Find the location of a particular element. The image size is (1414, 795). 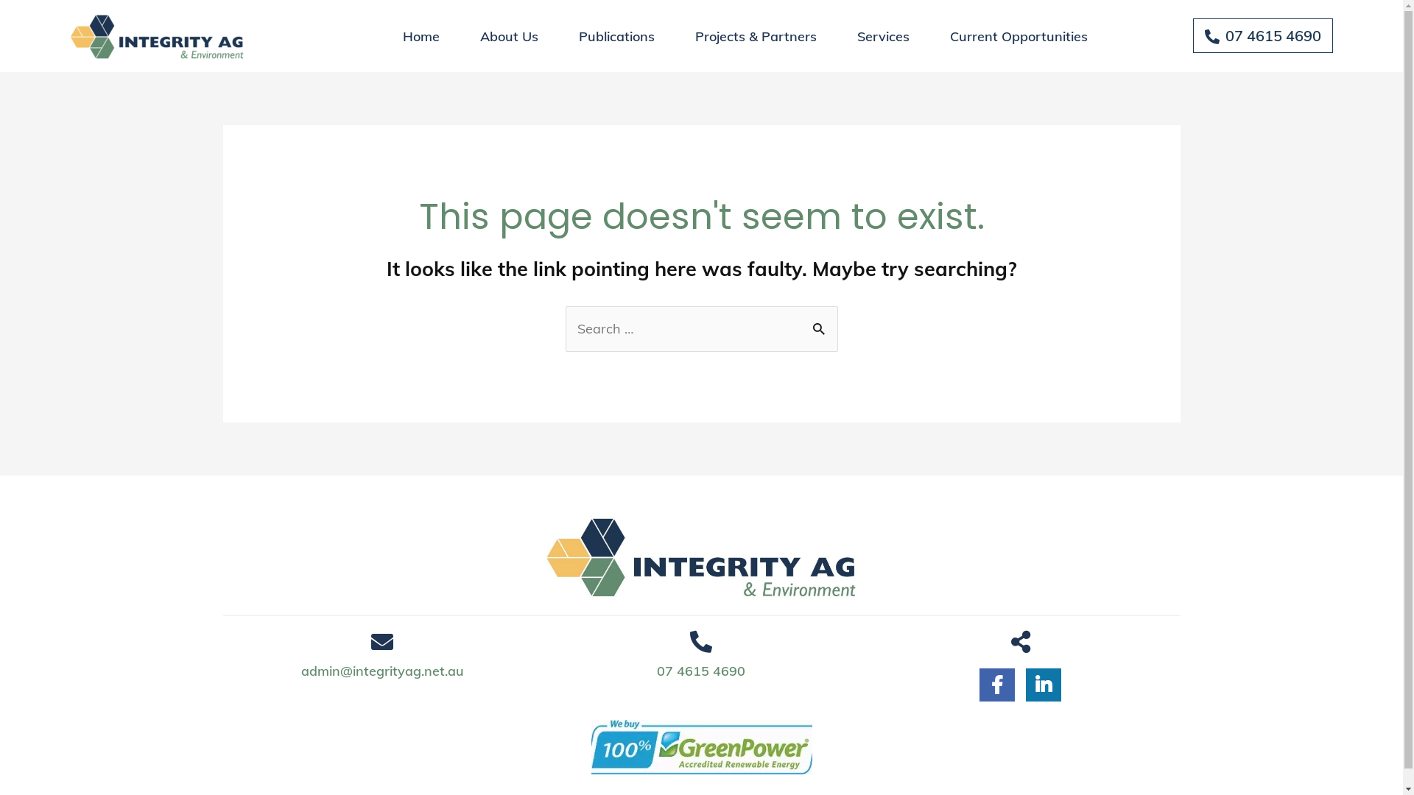

'Share' is located at coordinates (1010, 640).